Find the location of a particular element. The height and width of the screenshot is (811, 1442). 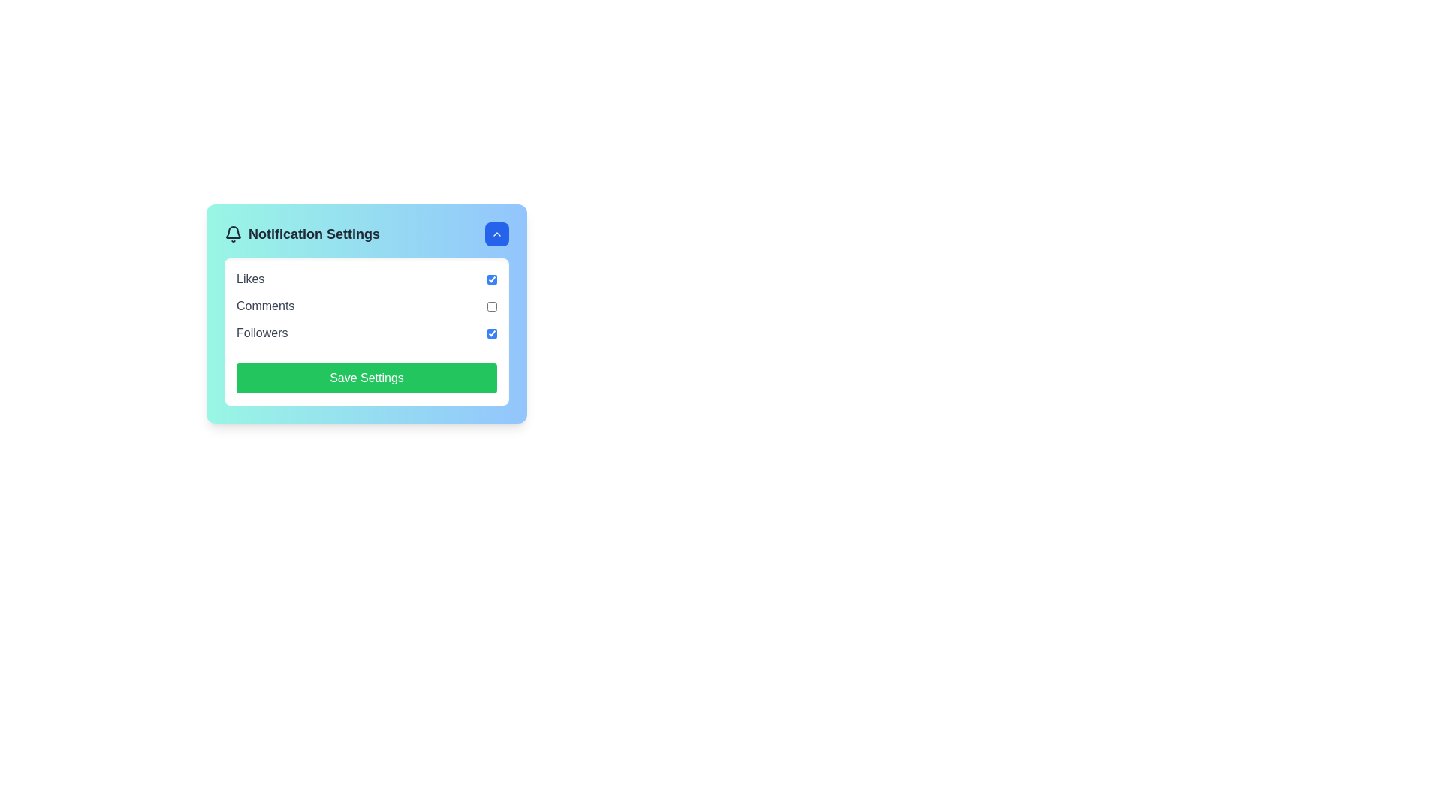

the 'Save Settings' button with a bright green background and white text is located at coordinates (367, 378).